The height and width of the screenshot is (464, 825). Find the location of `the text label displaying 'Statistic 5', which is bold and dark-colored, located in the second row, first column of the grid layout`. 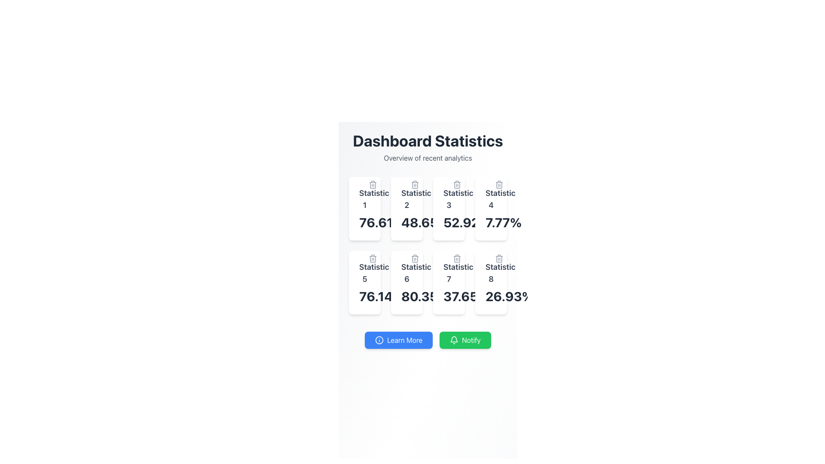

the text label displaying 'Statistic 5', which is bold and dark-colored, located in the second row, first column of the grid layout is located at coordinates (365, 273).